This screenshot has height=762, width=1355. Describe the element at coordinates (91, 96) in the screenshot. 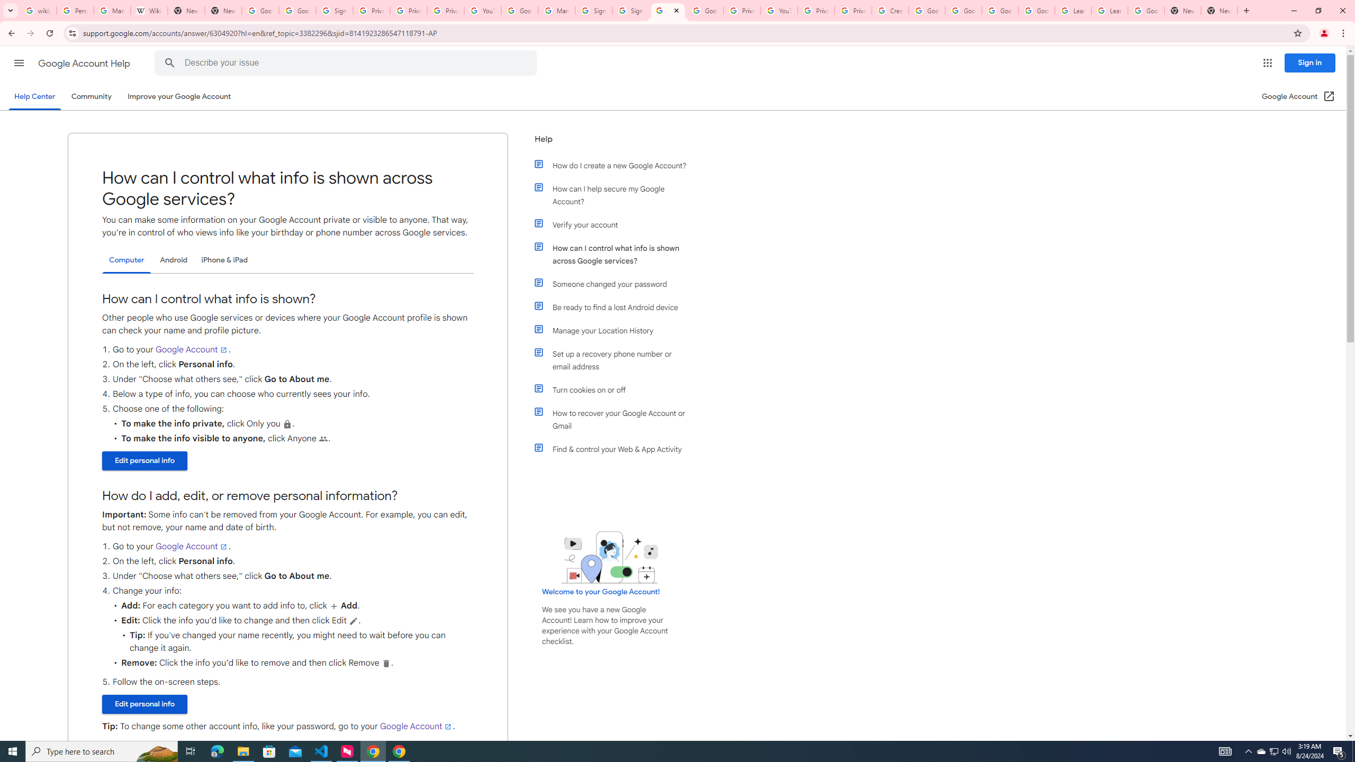

I see `'Community'` at that location.